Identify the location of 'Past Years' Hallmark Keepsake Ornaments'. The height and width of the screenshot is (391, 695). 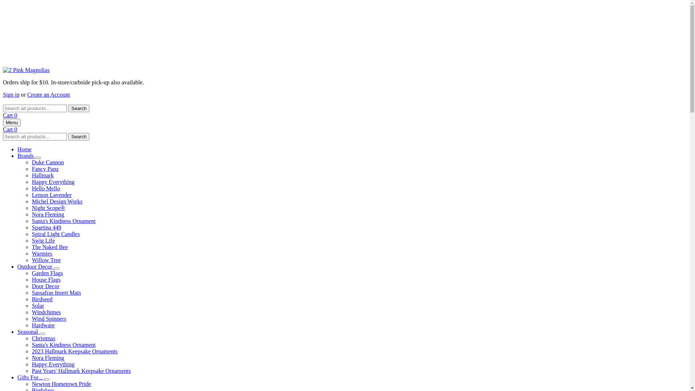
(81, 371).